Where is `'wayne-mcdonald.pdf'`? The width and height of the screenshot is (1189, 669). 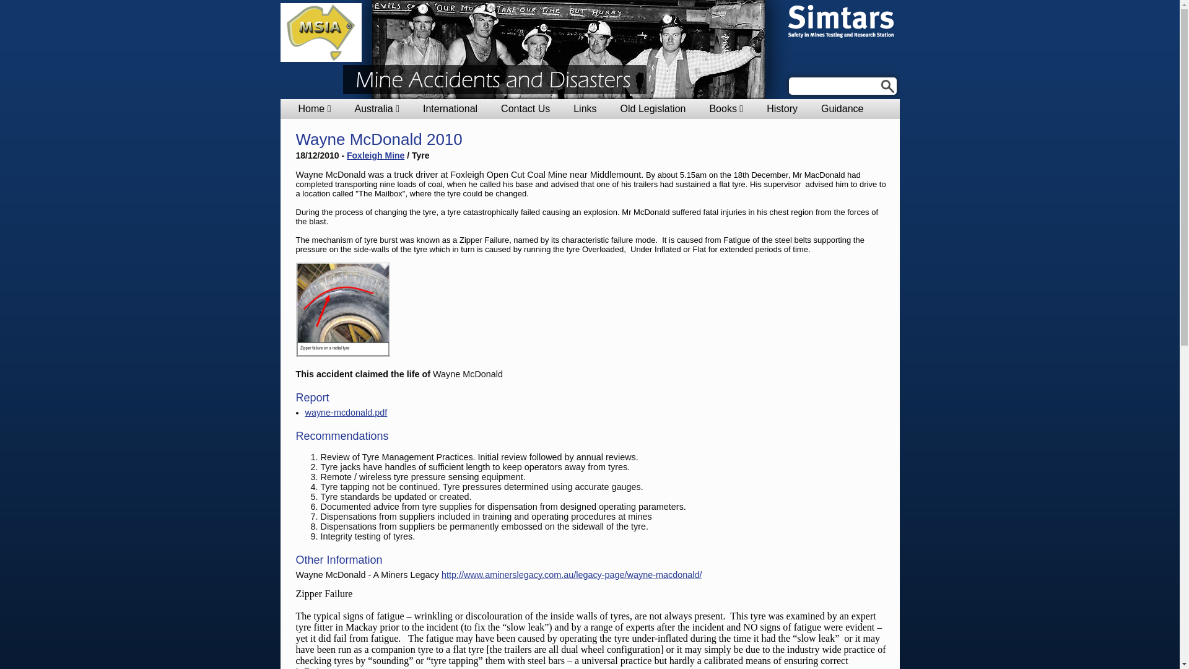 'wayne-mcdonald.pdf' is located at coordinates (346, 413).